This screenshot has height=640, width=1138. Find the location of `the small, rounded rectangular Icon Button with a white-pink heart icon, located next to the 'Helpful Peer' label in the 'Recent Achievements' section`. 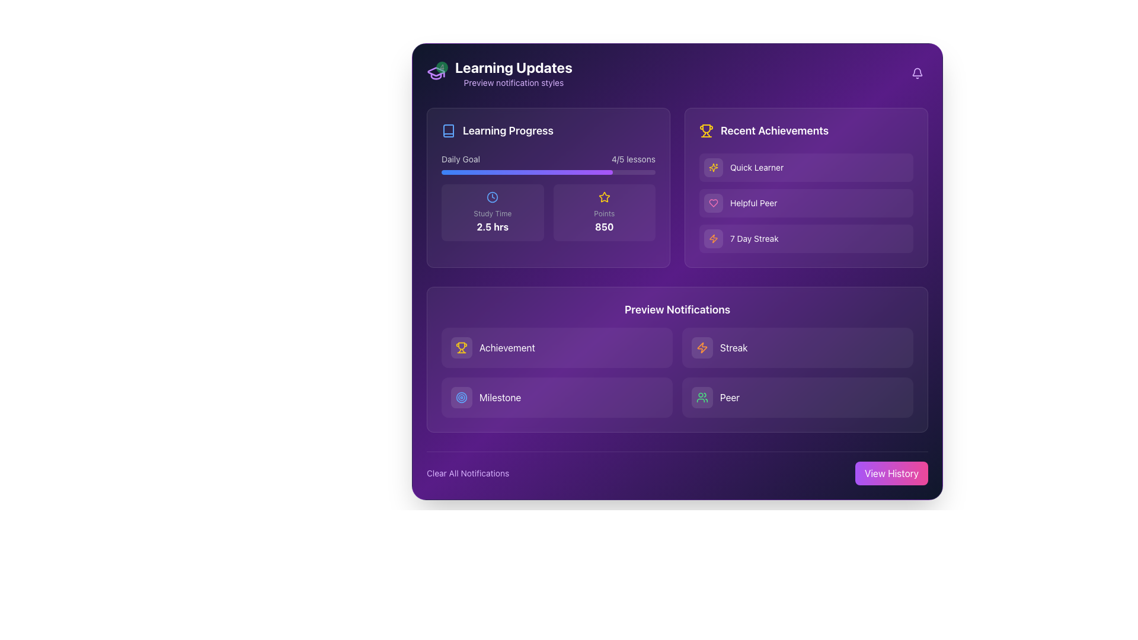

the small, rounded rectangular Icon Button with a white-pink heart icon, located next to the 'Helpful Peer' label in the 'Recent Achievements' section is located at coordinates (713, 203).